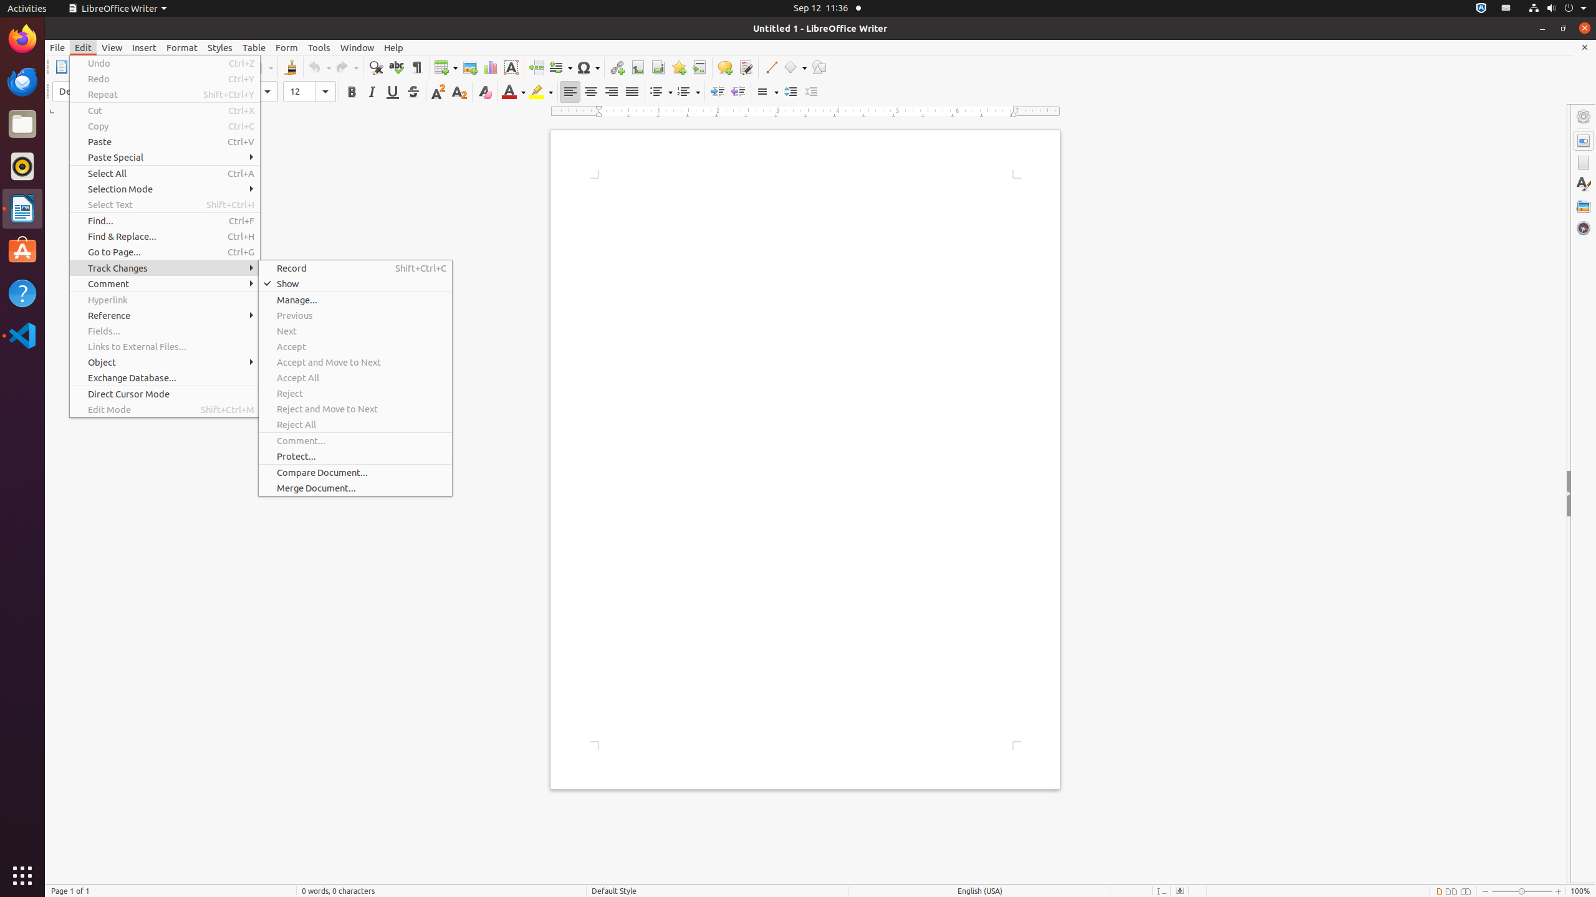  I want to click on 'Redo', so click(165, 78).